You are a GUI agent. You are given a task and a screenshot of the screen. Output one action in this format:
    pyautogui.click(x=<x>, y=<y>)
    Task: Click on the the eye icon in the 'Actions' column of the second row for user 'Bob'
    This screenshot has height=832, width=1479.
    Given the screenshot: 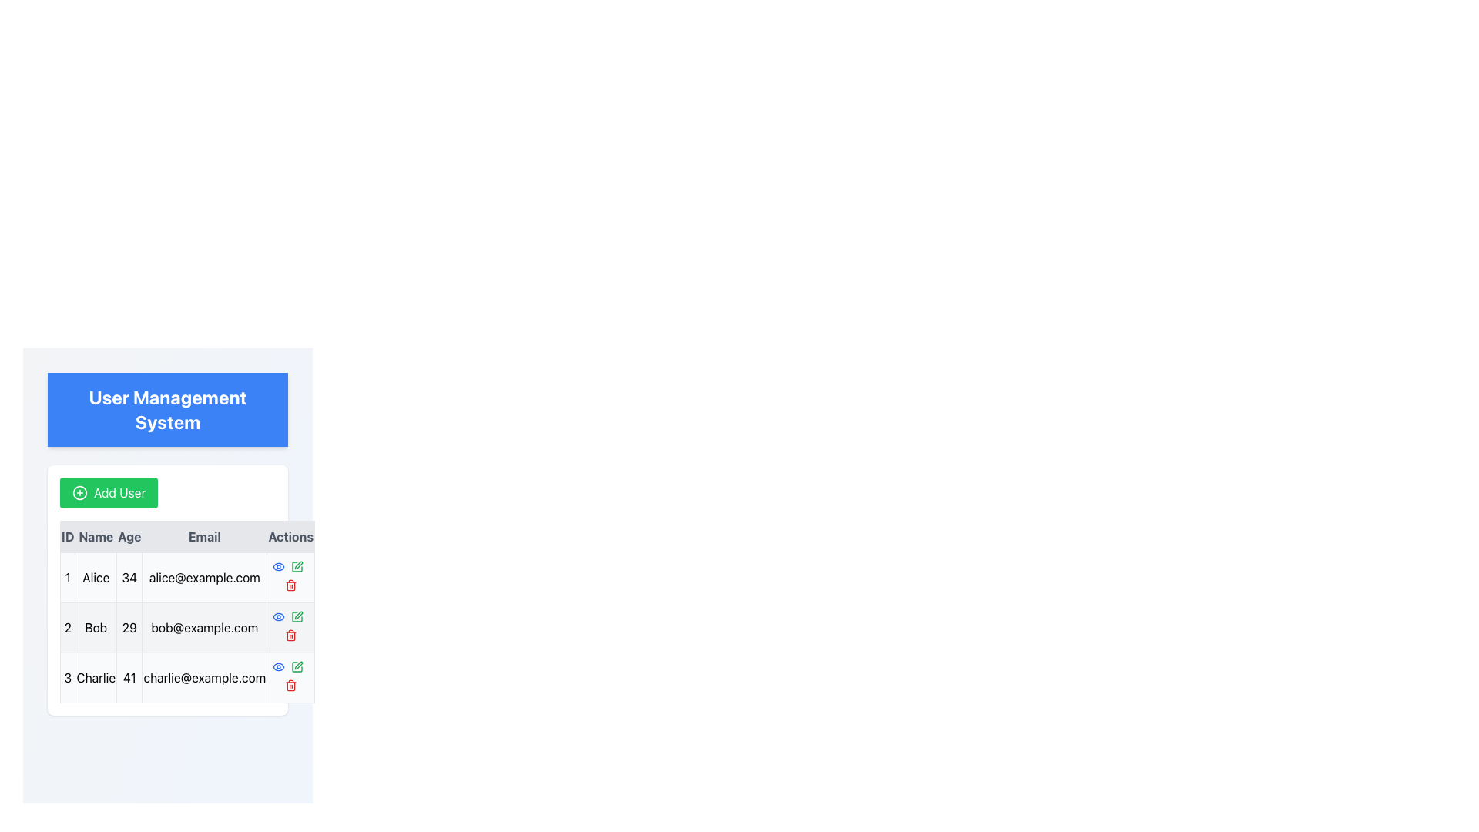 What is the action you would take?
    pyautogui.click(x=278, y=567)
    